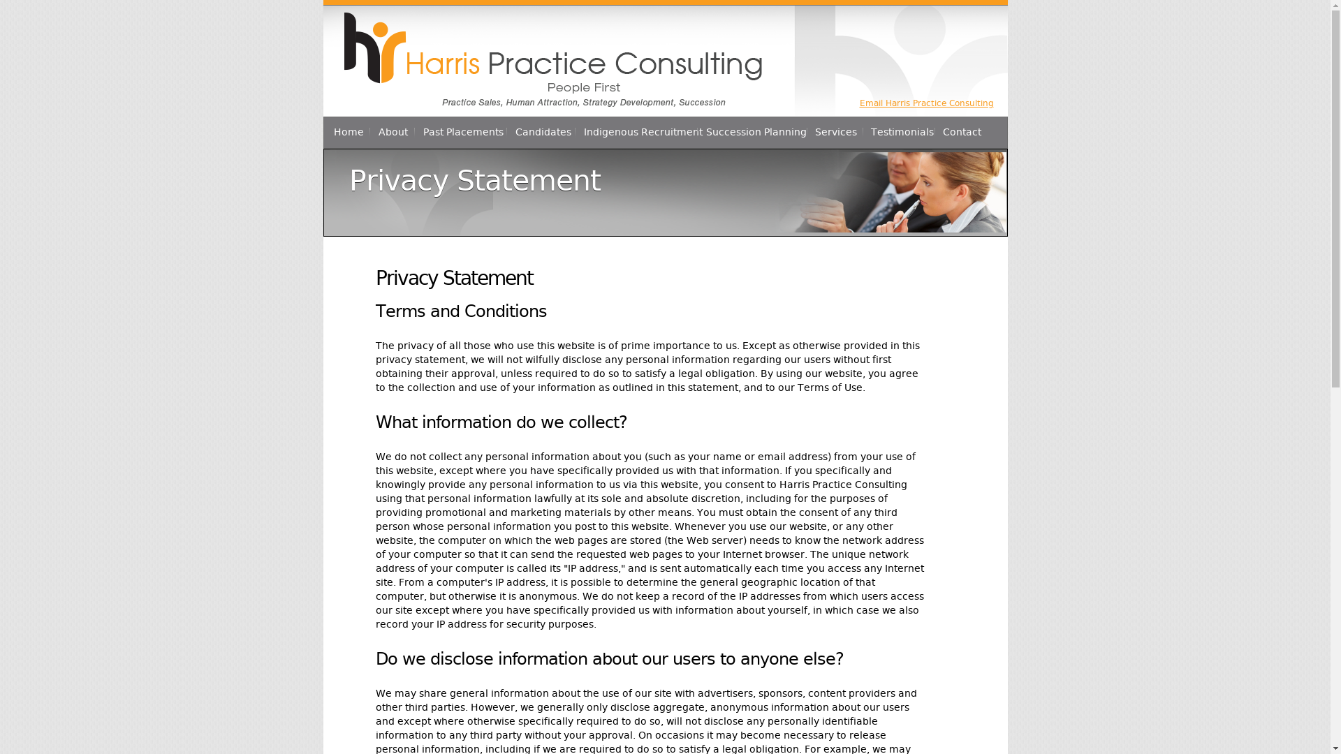 The height and width of the screenshot is (754, 1341). I want to click on 'Indigenous Recruitment', so click(642, 132).